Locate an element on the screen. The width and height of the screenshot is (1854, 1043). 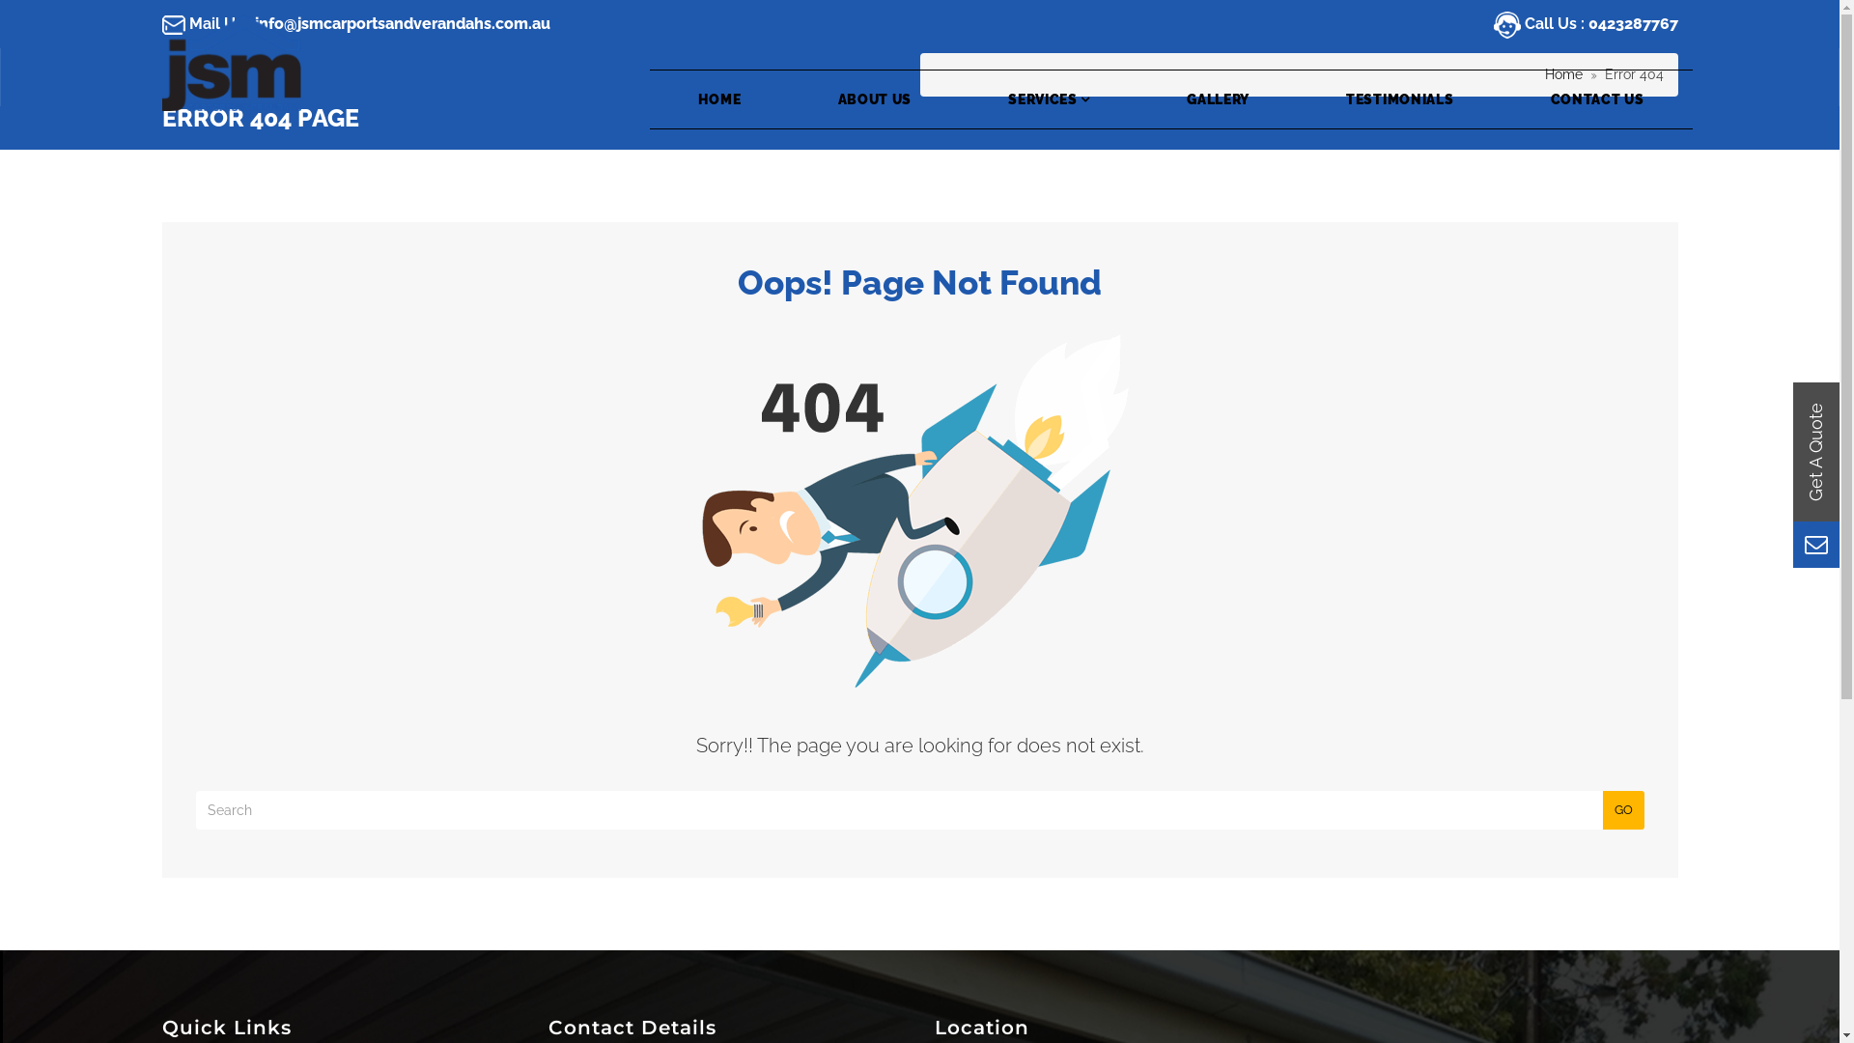
'CONTACT US' is located at coordinates (1597, 99).